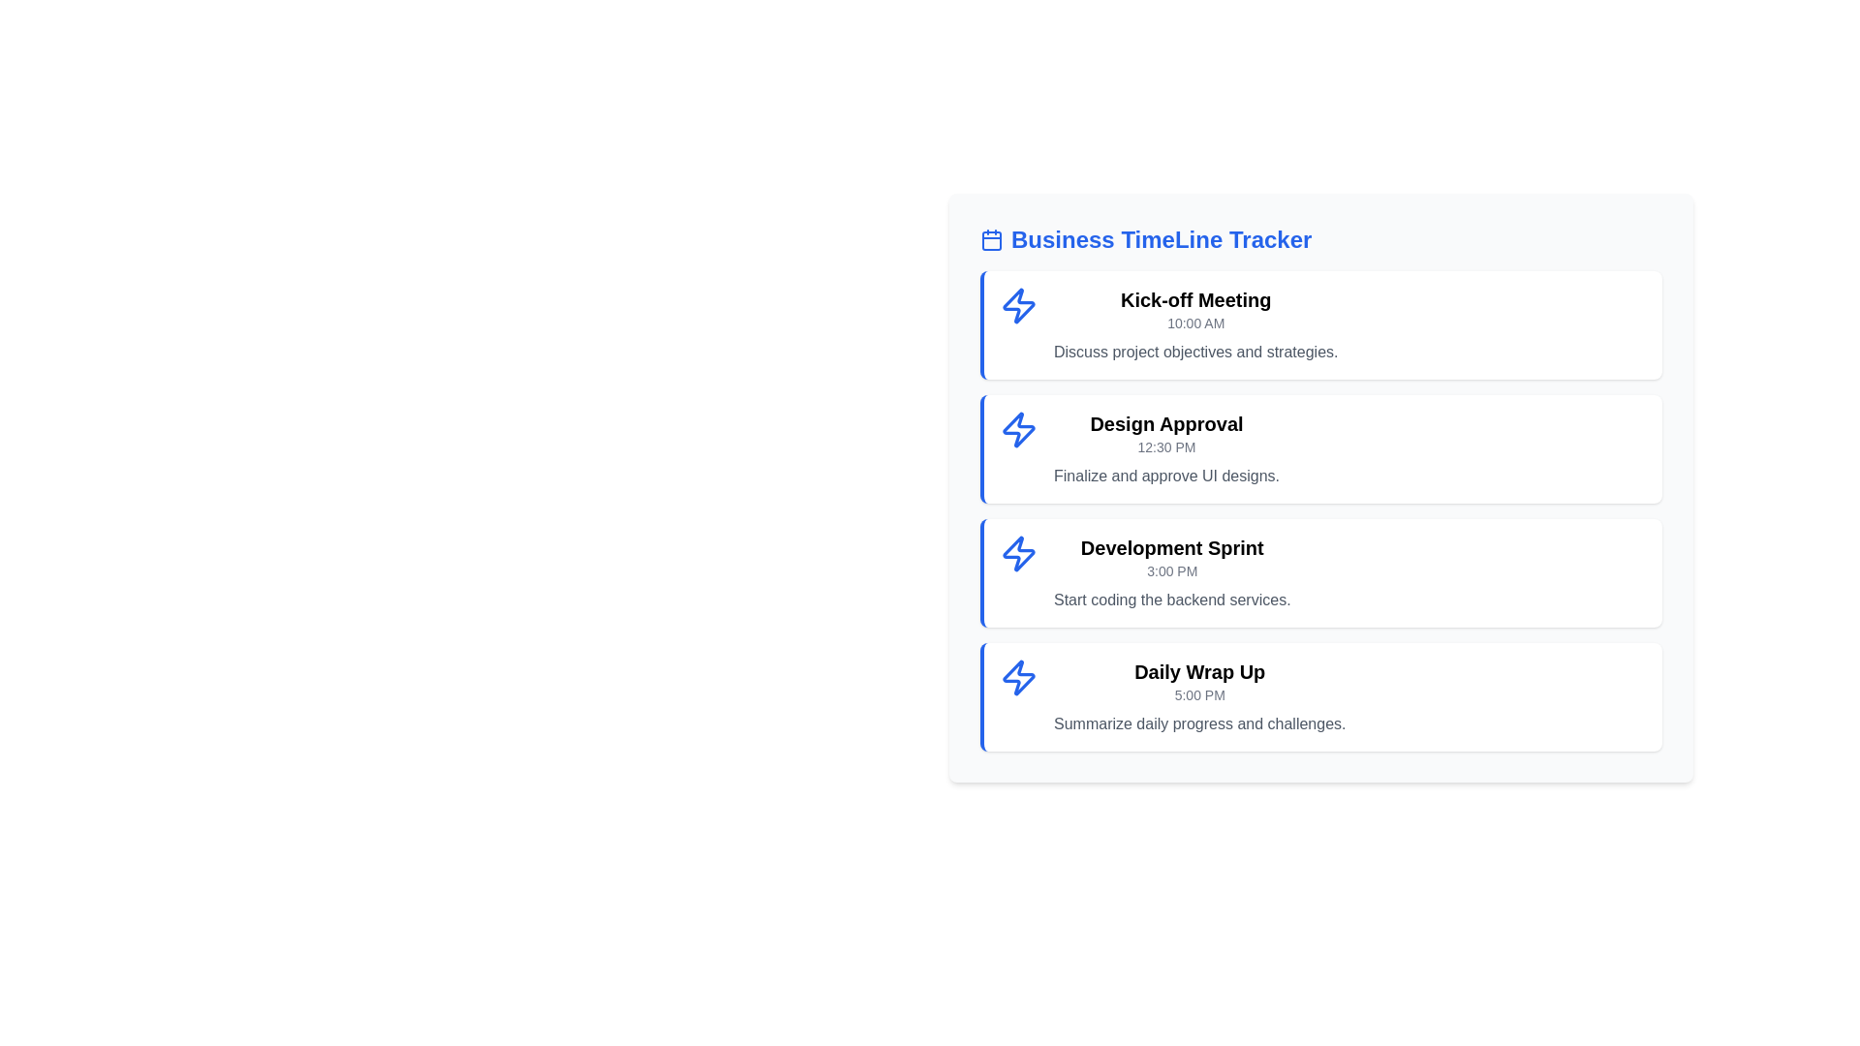 This screenshot has width=1860, height=1046. I want to click on the text label displaying the time '12:30 PM' within the 'Design Approval' event card, so click(1165, 447).